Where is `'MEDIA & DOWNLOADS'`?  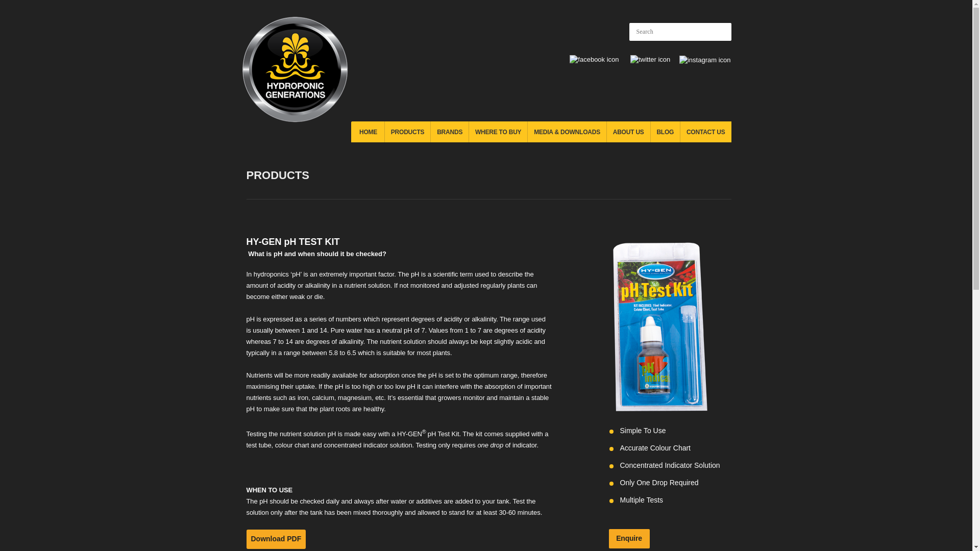 'MEDIA & DOWNLOADS' is located at coordinates (566, 131).